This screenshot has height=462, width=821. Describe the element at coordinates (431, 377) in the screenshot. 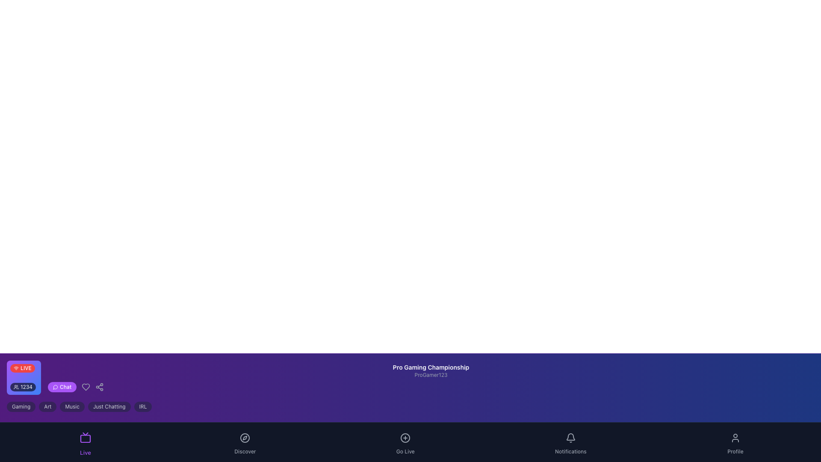

I see `the header section displaying the title 'Pro Gaming Championship' and the username 'ProGamer123', which is centrally located below the interaction buttons and above the bottom navigation bar` at that location.